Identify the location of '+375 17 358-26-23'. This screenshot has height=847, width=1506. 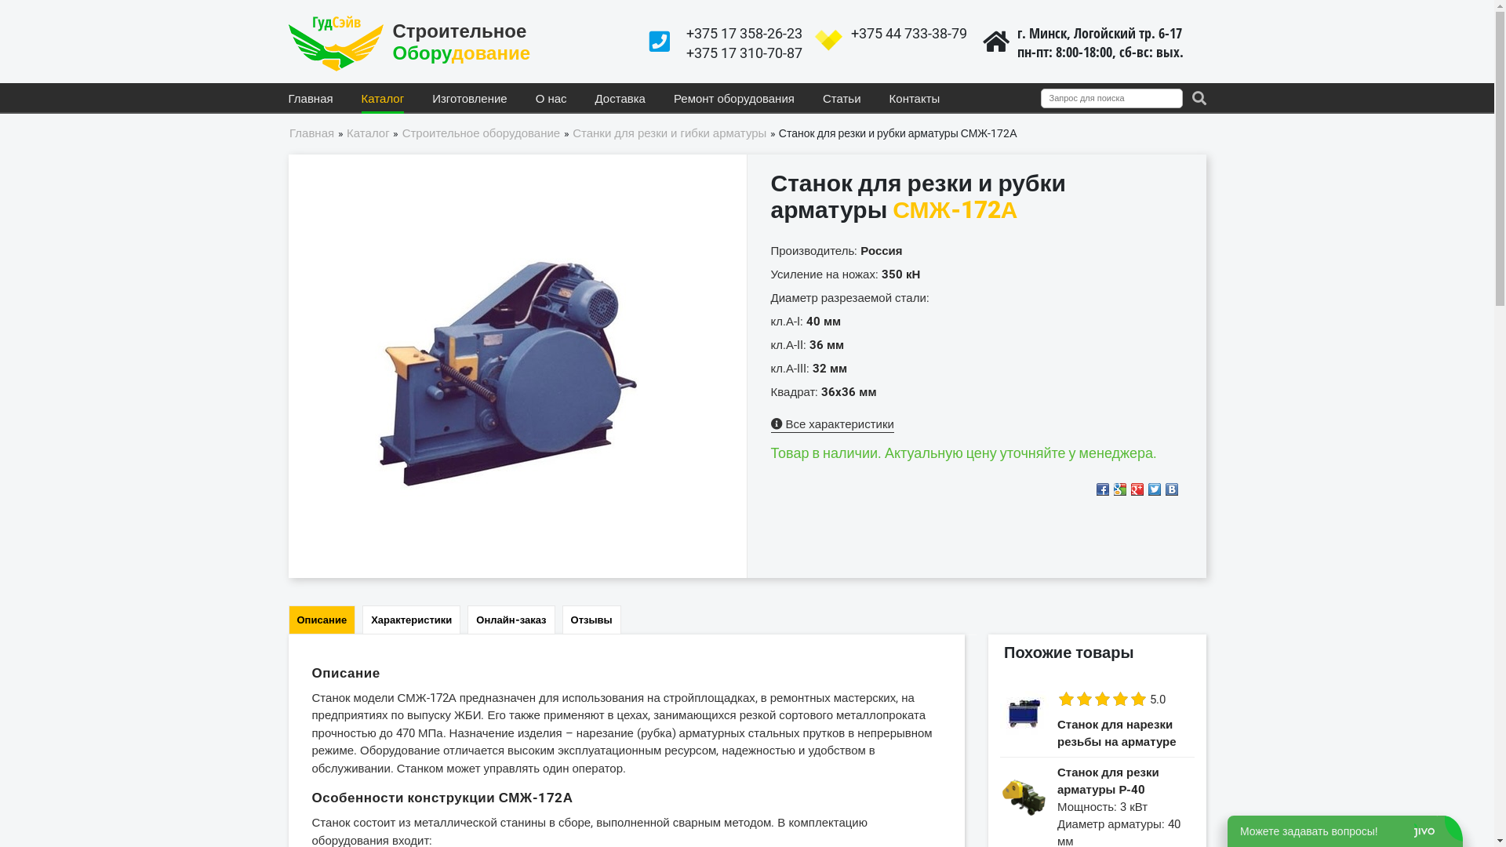
(743, 33).